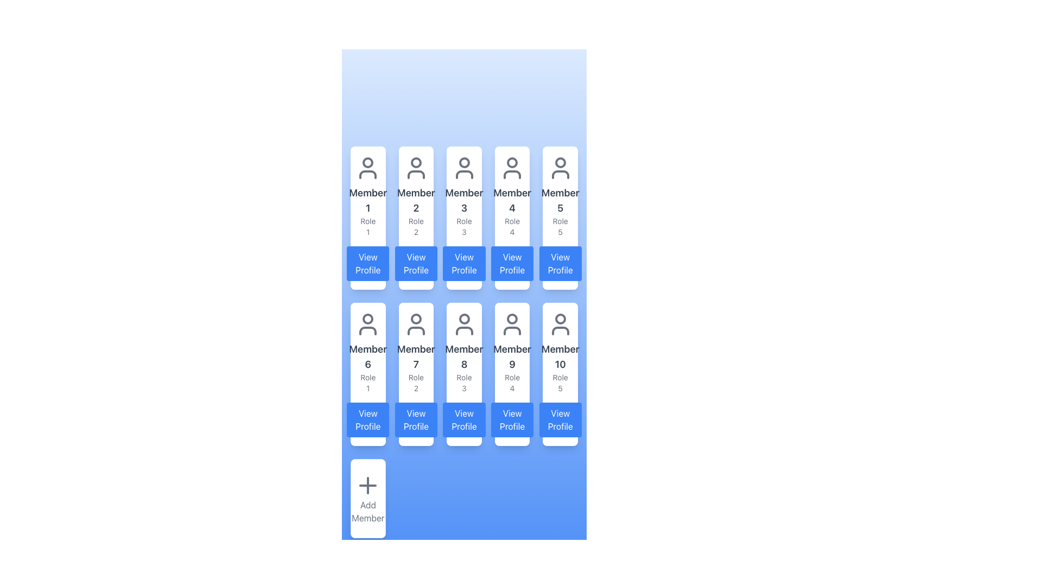 This screenshot has height=586, width=1042. Describe the element at coordinates (415, 218) in the screenshot. I see `the Profile Card that has a white background, rounded corners, and a blue button labeled 'View Profile' at the bottom, located in the second column of the top row in the grid layout` at that location.